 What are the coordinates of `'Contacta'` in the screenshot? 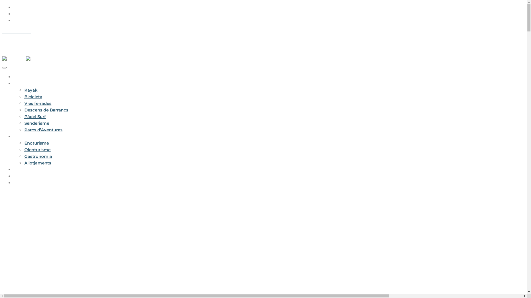 It's located at (13, 183).